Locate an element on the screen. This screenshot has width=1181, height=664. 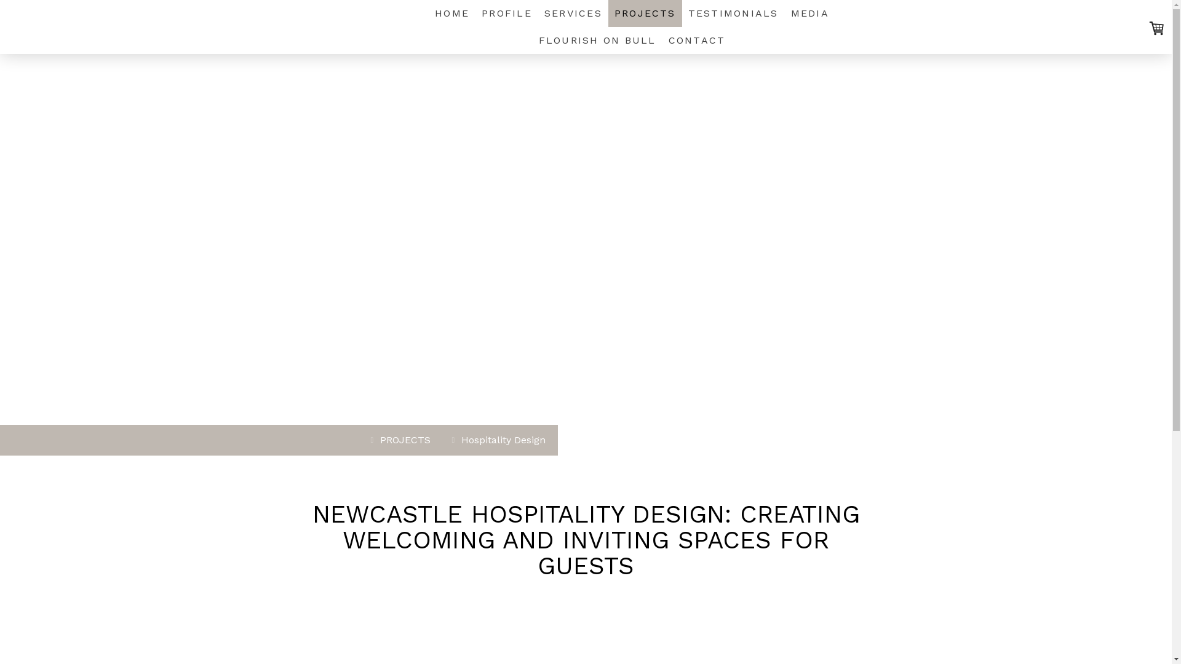
'TESTIMONIALS' is located at coordinates (681, 14).